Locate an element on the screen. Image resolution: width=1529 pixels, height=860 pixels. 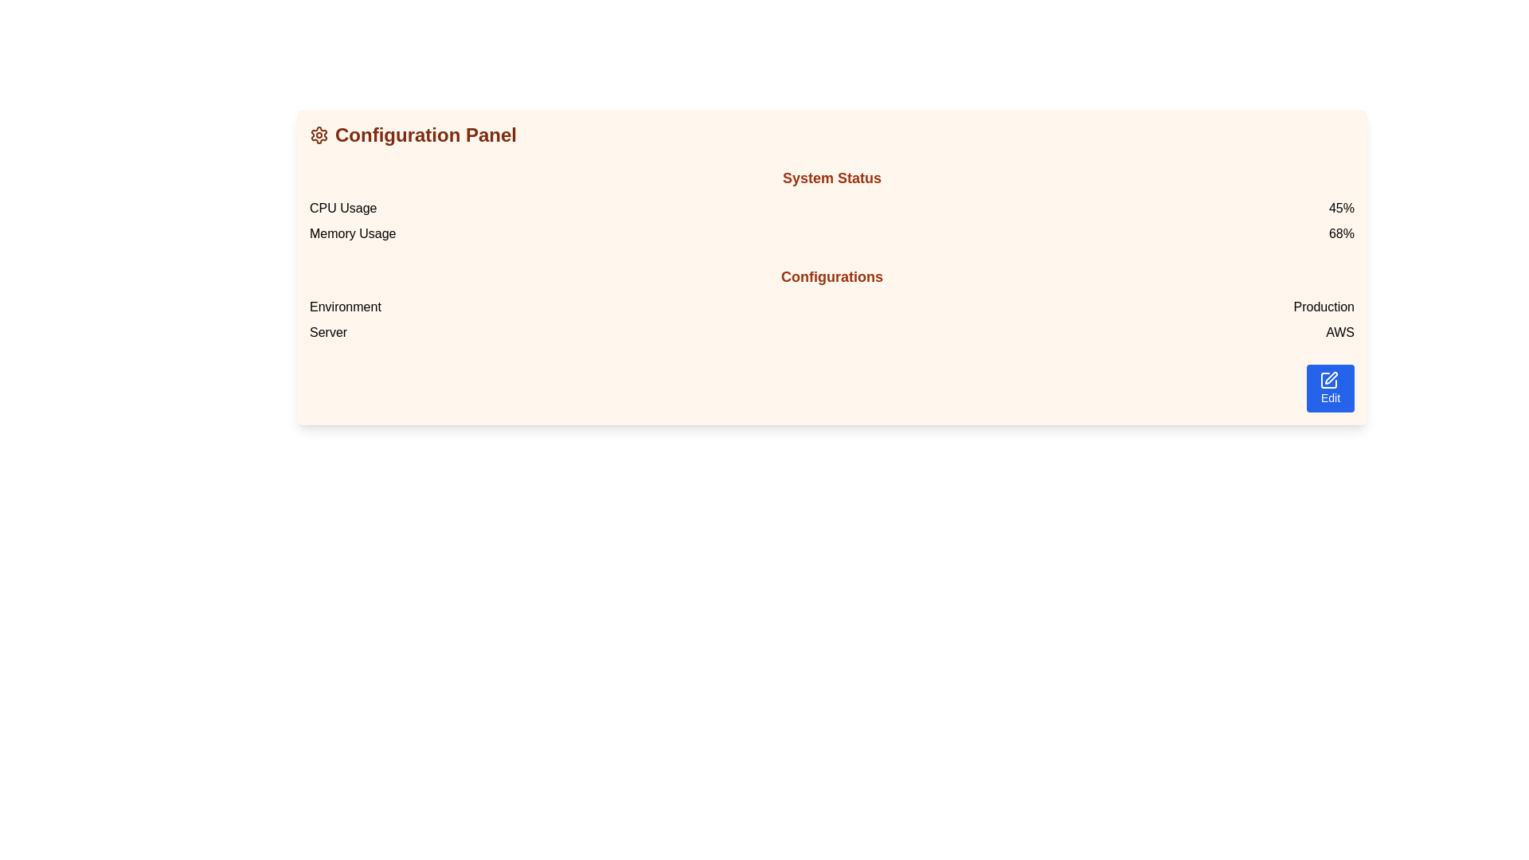
the text 'Environment' from the Text Label element, which is styled in a medium-weight font and located in the configuration panel under the subheading 'Configurations' is located at coordinates (344, 307).